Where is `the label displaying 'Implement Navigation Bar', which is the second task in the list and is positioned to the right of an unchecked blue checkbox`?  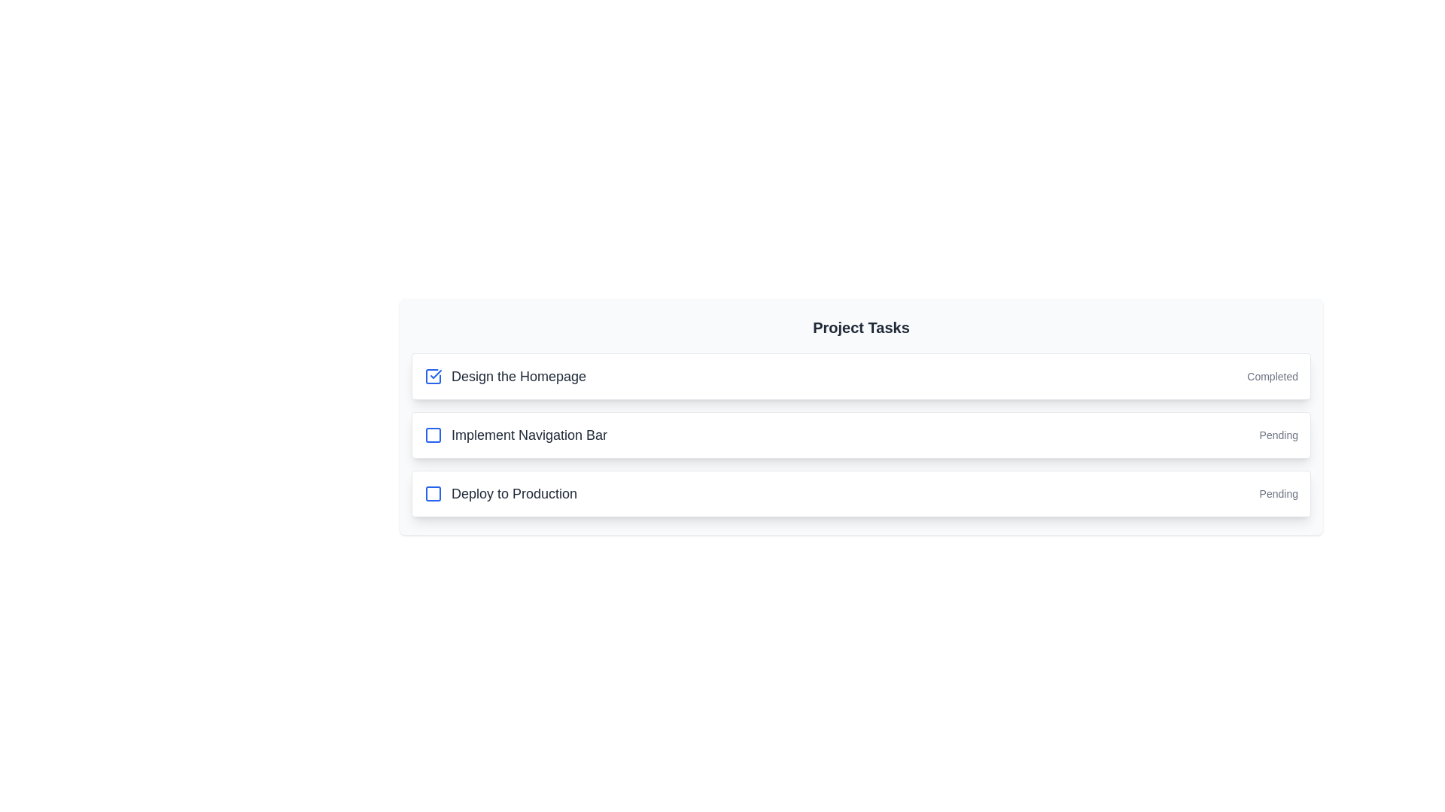
the label displaying 'Implement Navigation Bar', which is the second task in the list and is positioned to the right of an unchecked blue checkbox is located at coordinates (516, 435).